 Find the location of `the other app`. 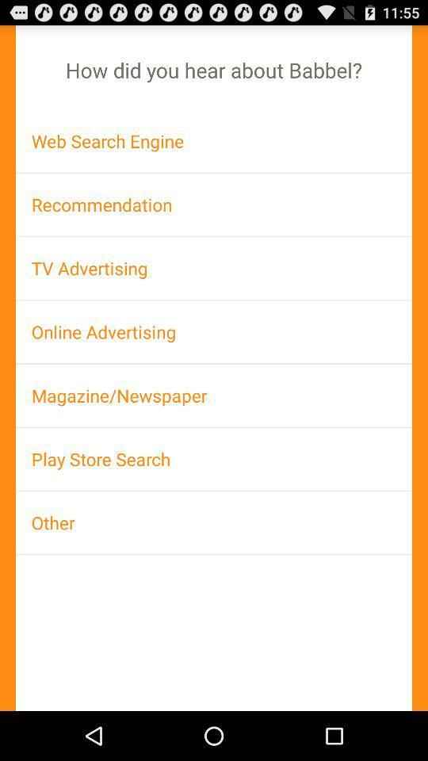

the other app is located at coordinates (214, 522).